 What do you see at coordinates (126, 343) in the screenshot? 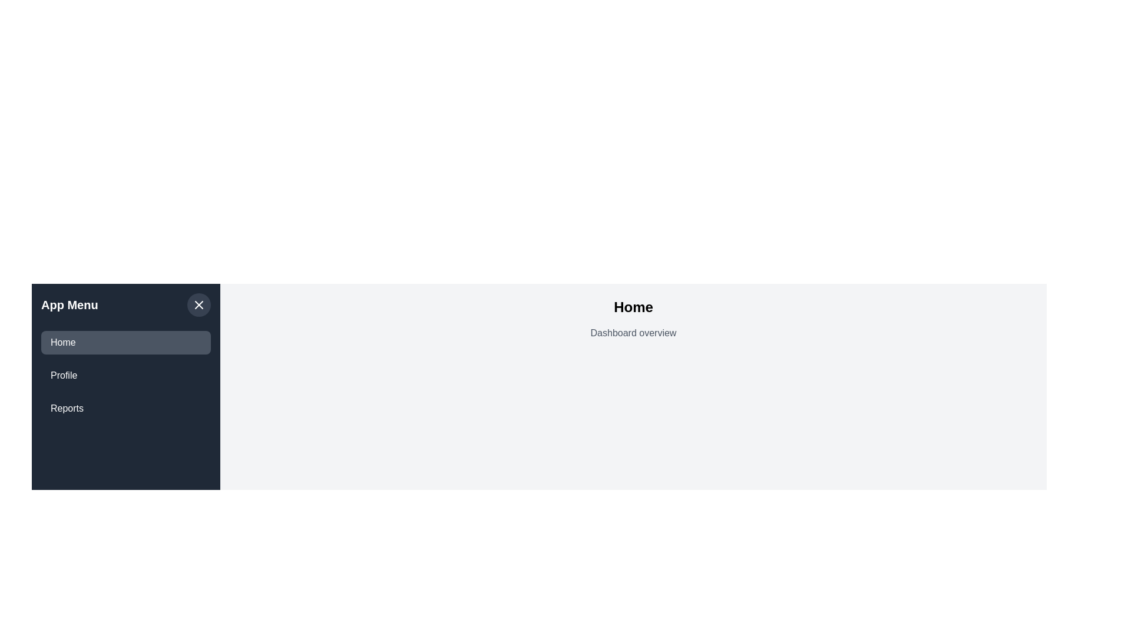
I see `the feature Home from the list` at bounding box center [126, 343].